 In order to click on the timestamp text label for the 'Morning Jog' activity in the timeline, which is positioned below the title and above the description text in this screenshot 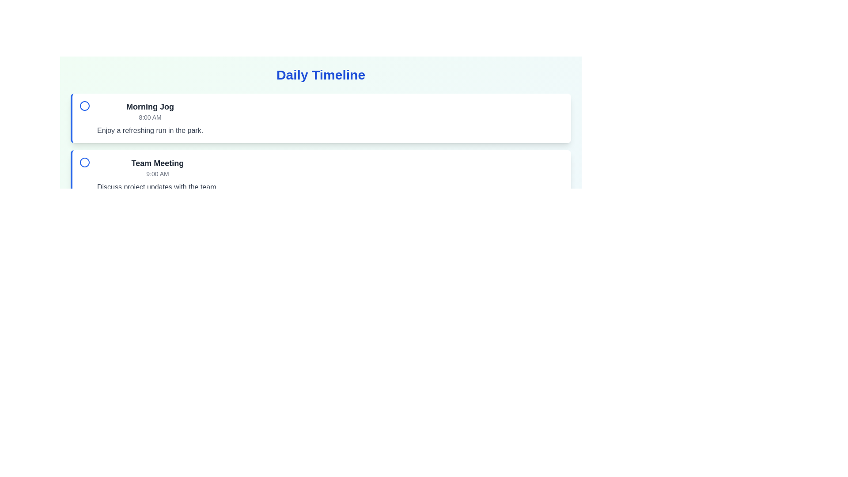, I will do `click(150, 117)`.